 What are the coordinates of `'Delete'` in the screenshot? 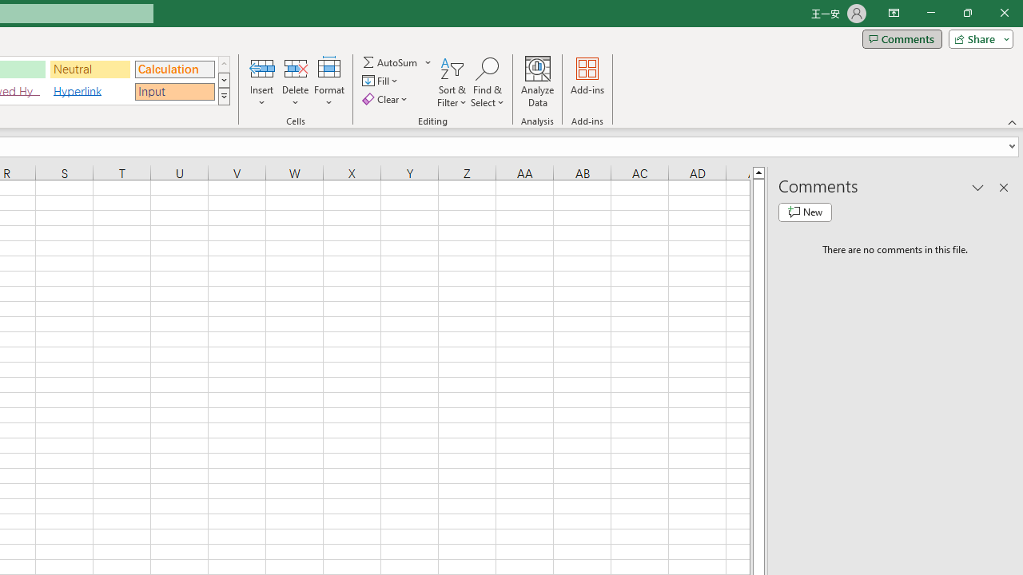 It's located at (295, 82).